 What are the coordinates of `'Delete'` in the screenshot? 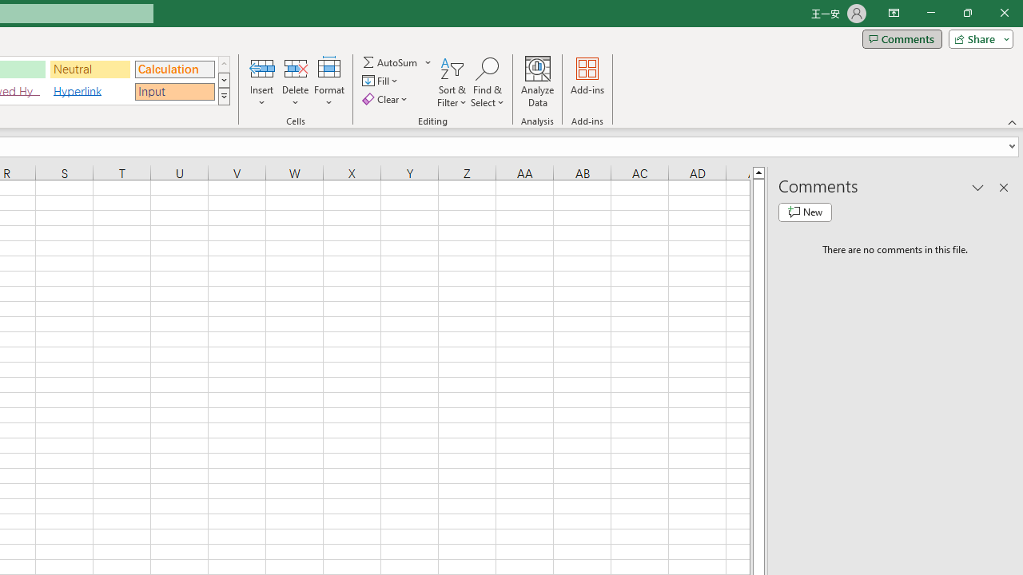 It's located at (295, 82).